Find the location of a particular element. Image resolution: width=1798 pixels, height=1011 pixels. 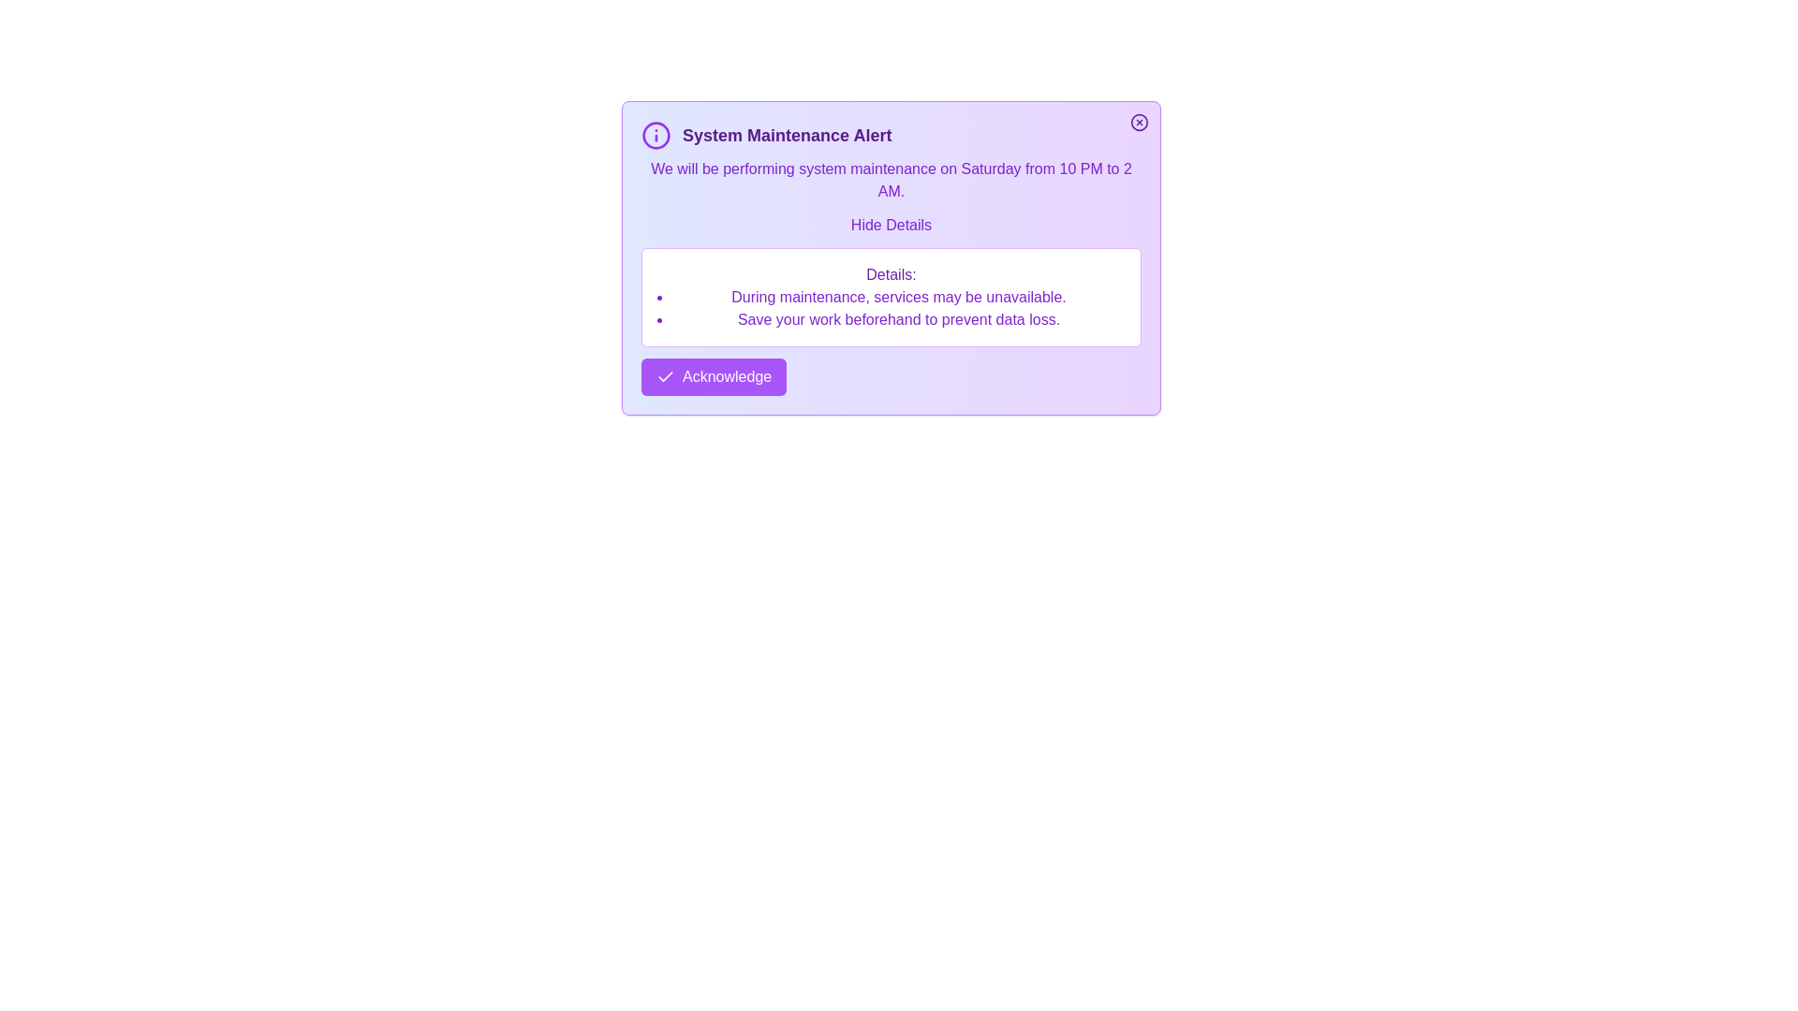

close button in the top-right corner of the alert is located at coordinates (1139, 123).